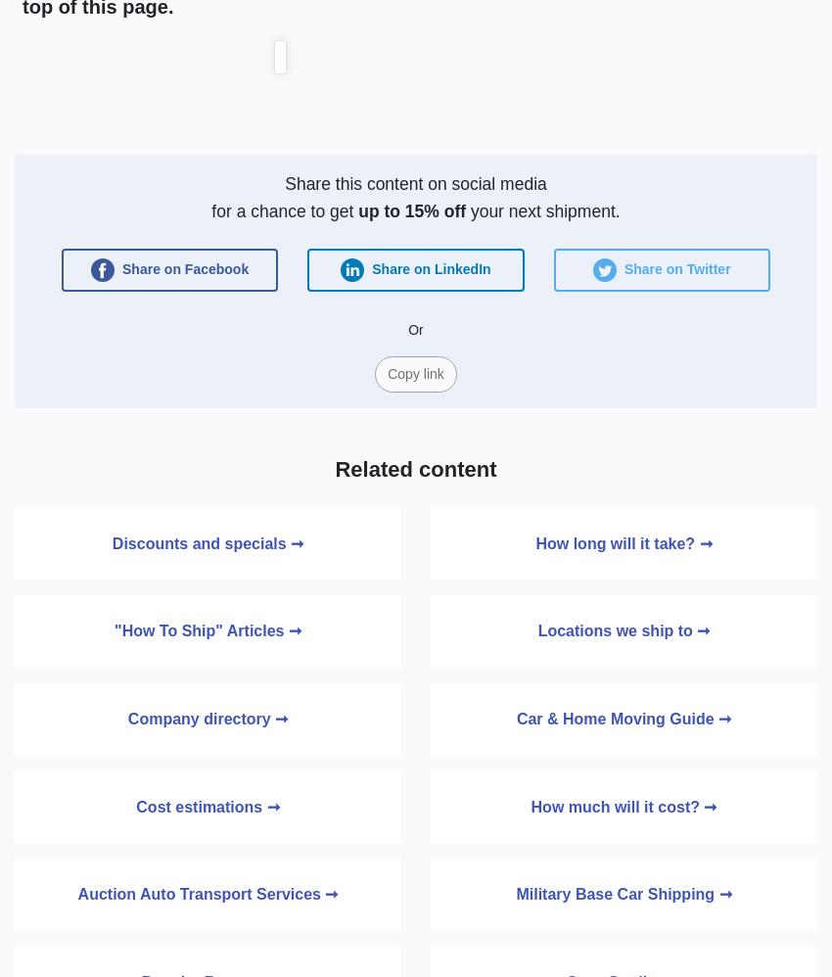  Describe the element at coordinates (367, 266) in the screenshot. I see `'Share on LinkedIn'` at that location.